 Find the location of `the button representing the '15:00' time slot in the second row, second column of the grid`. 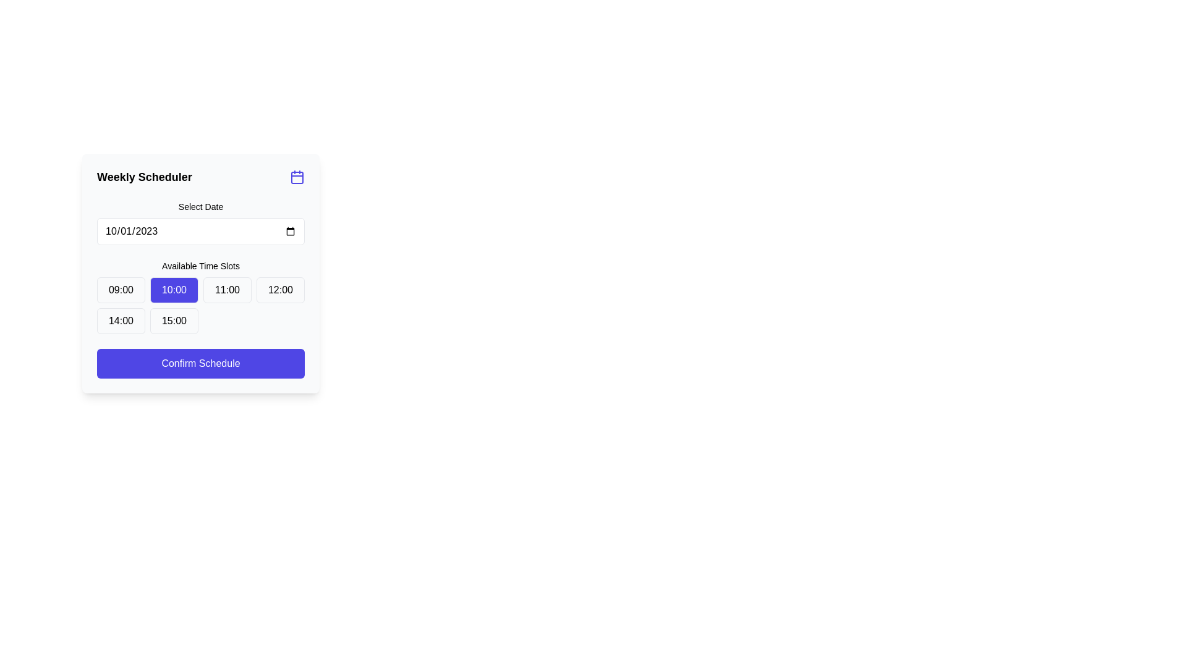

the button representing the '15:00' time slot in the second row, second column of the grid is located at coordinates (174, 321).